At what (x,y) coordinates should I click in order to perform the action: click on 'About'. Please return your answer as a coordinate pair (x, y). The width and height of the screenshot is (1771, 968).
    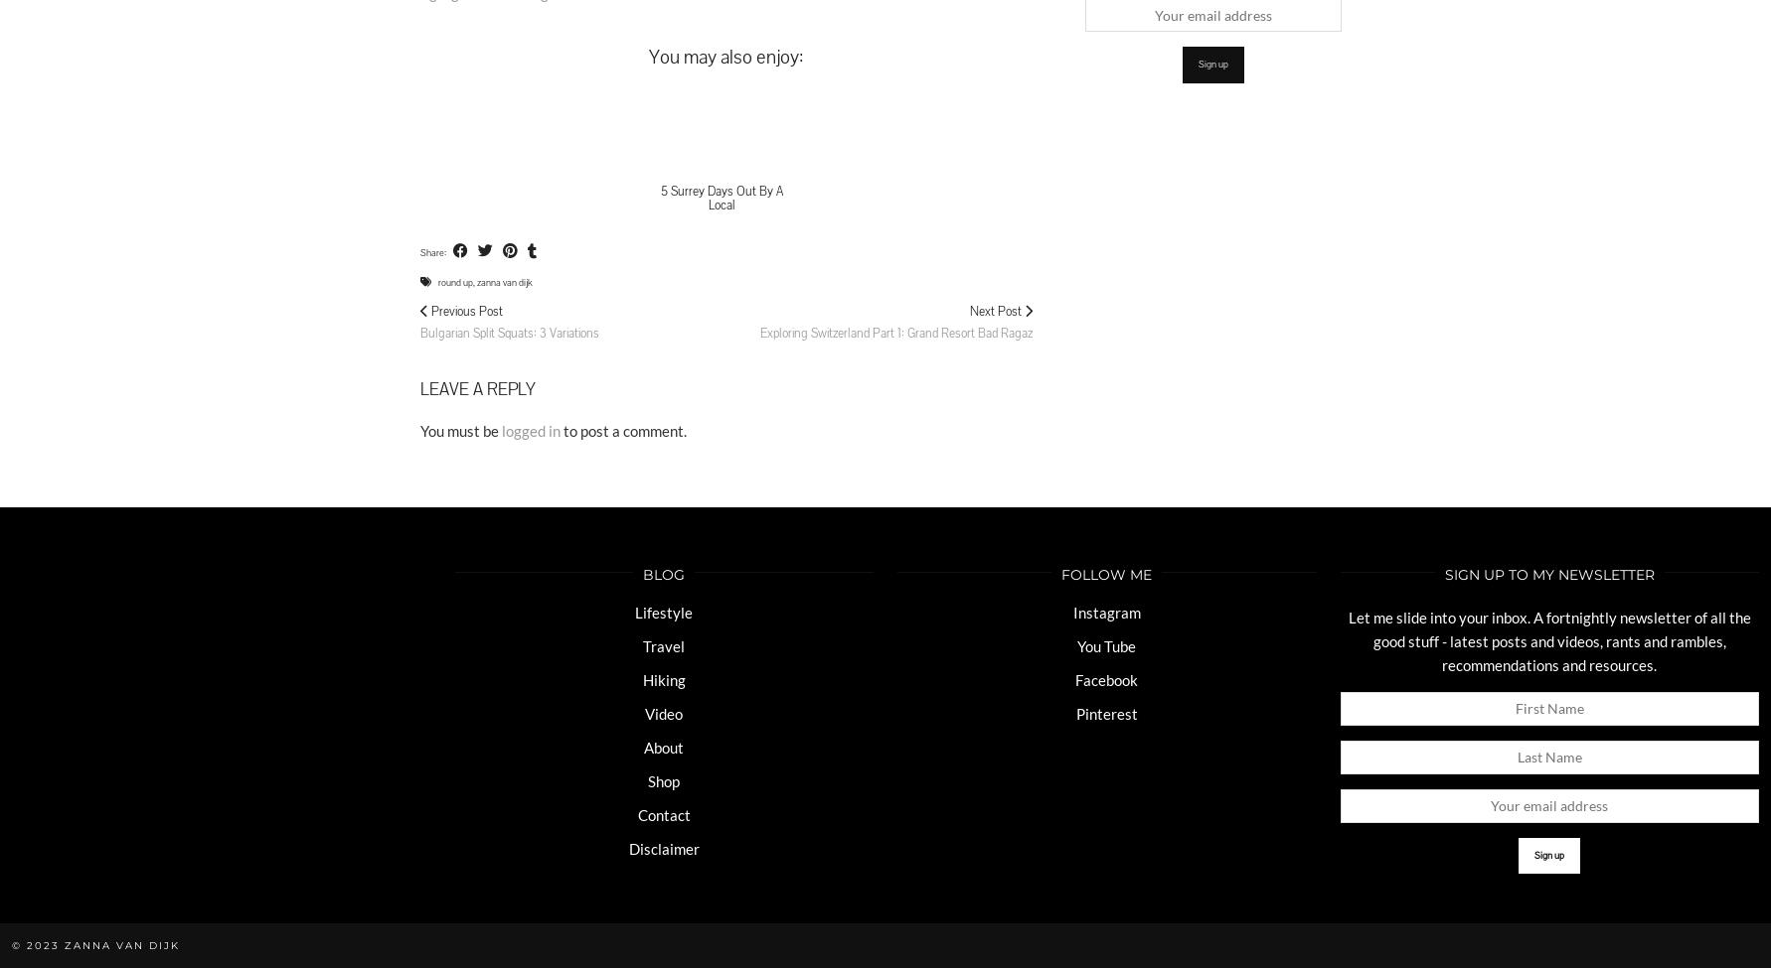
    Looking at the image, I should click on (663, 746).